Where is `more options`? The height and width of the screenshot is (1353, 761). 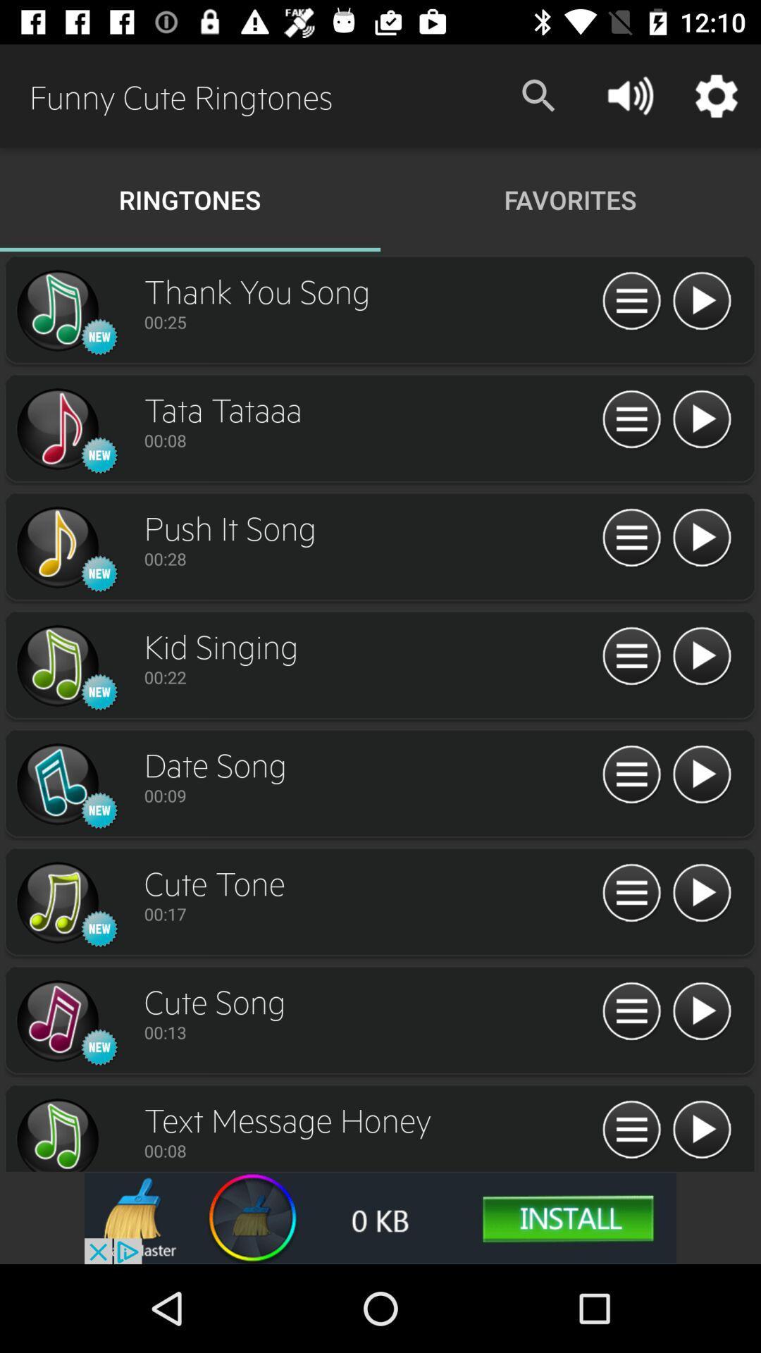 more options is located at coordinates (631, 419).